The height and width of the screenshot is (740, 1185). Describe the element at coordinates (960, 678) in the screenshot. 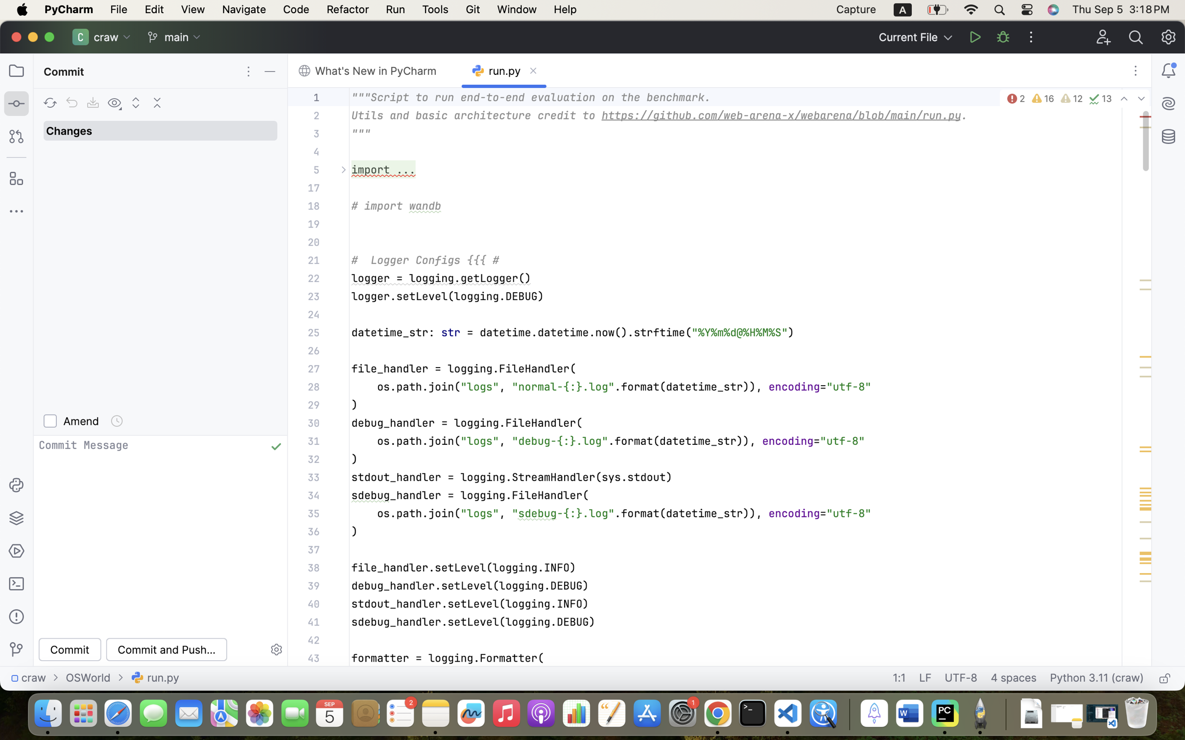

I see `'UTF-8'` at that location.